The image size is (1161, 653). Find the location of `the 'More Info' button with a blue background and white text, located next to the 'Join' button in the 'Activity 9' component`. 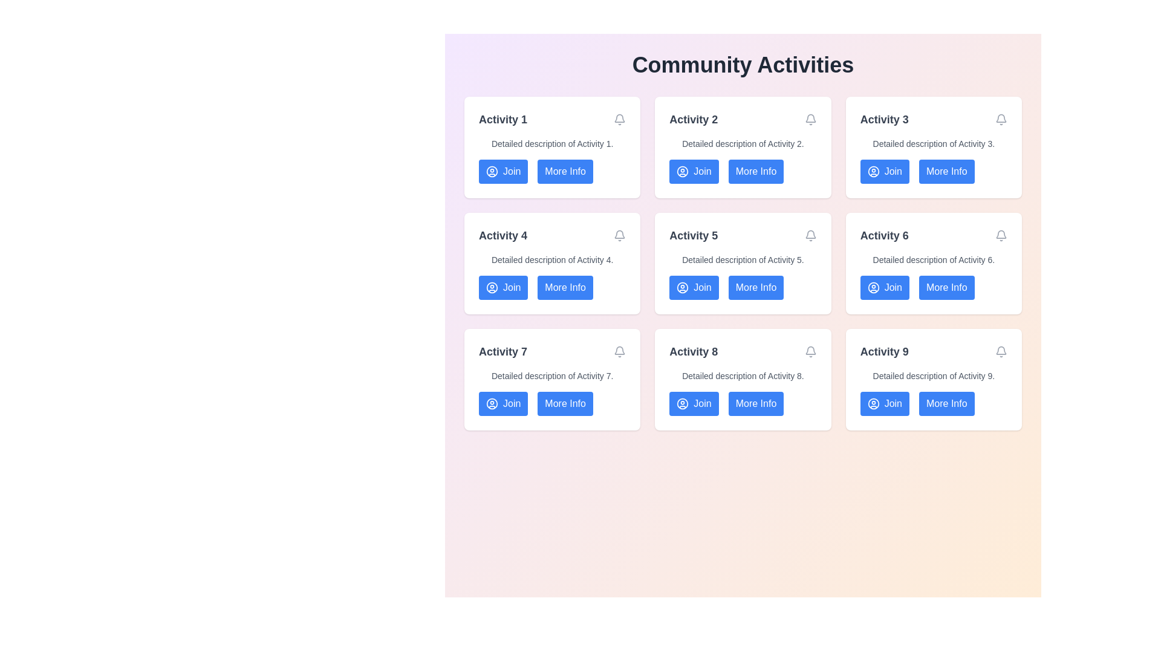

the 'More Info' button with a blue background and white text, located next to the 'Join' button in the 'Activity 9' component is located at coordinates (933, 403).